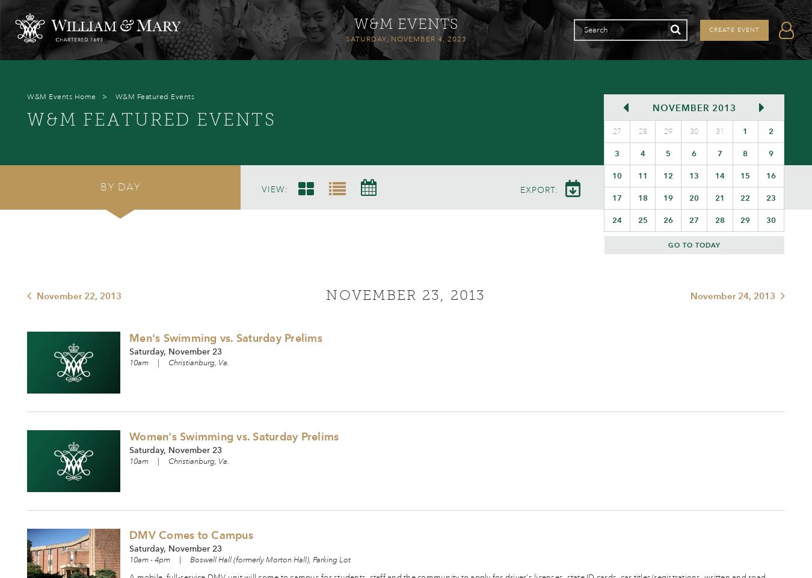 The height and width of the screenshot is (578, 812). I want to click on '15', so click(745, 175).